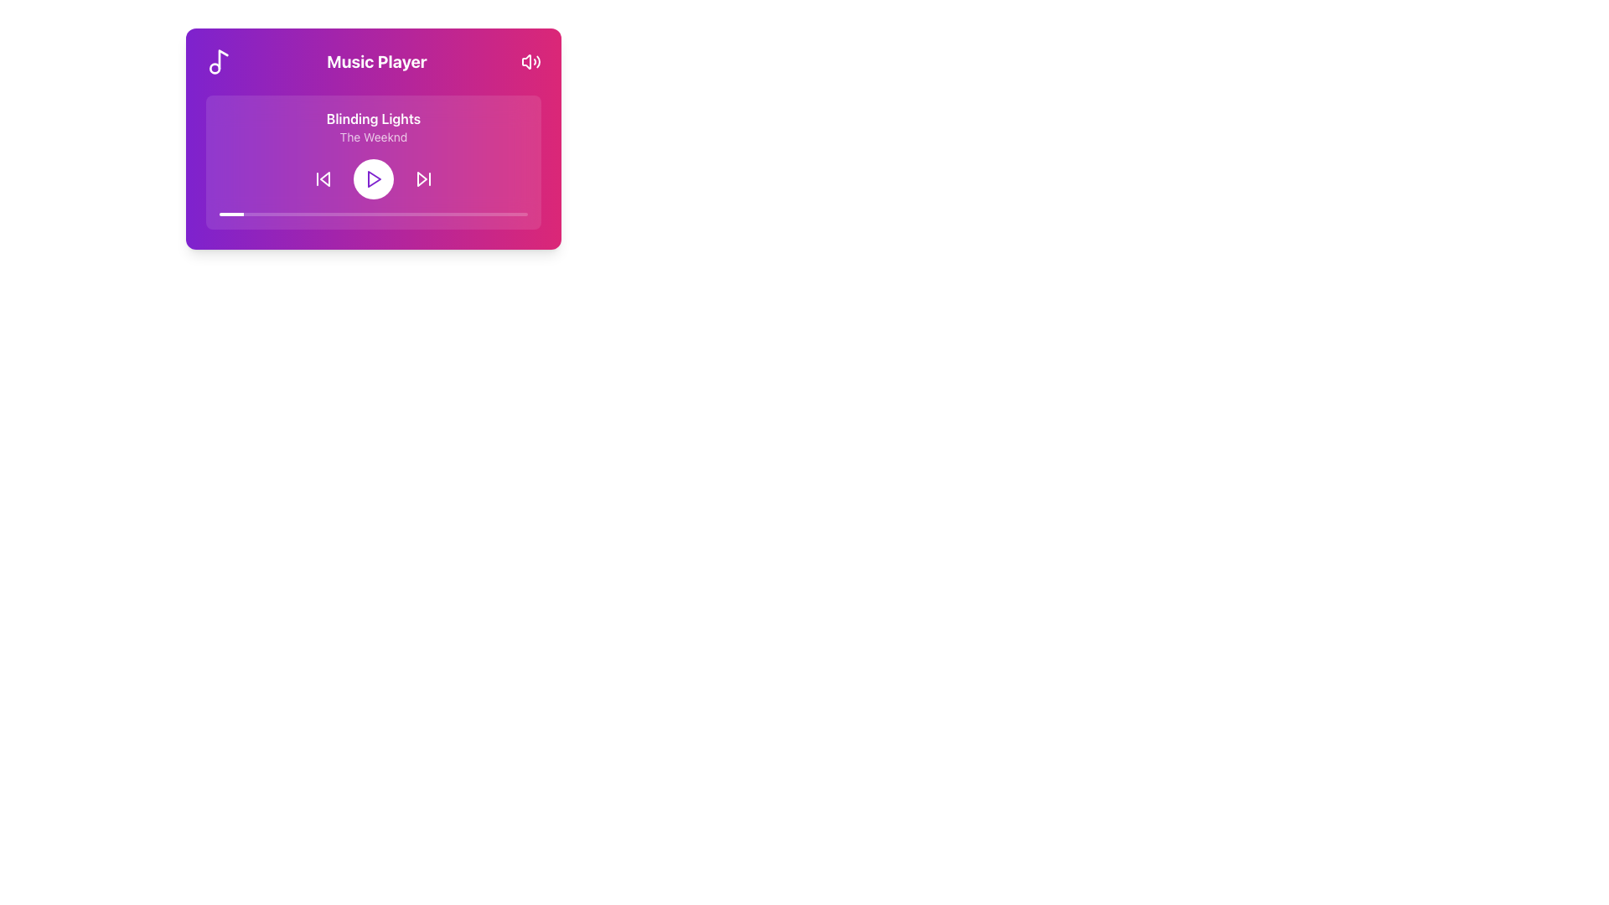 Image resolution: width=1609 pixels, height=905 pixels. I want to click on the small circular shape within the music note graphic located in the top-left corner of the music player component, so click(214, 67).